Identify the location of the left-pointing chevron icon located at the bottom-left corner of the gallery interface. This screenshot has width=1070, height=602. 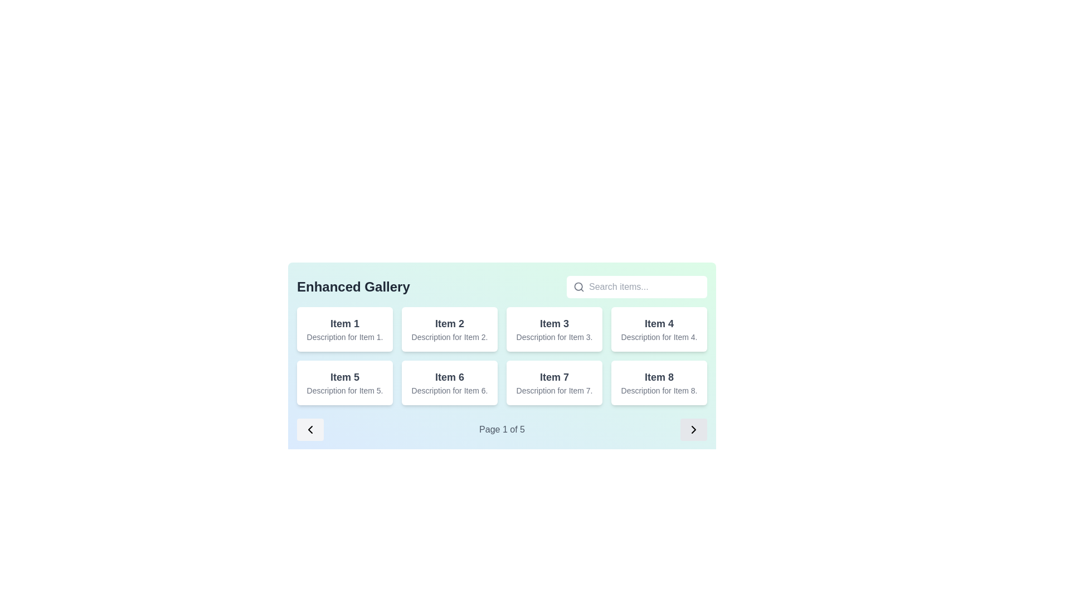
(310, 429).